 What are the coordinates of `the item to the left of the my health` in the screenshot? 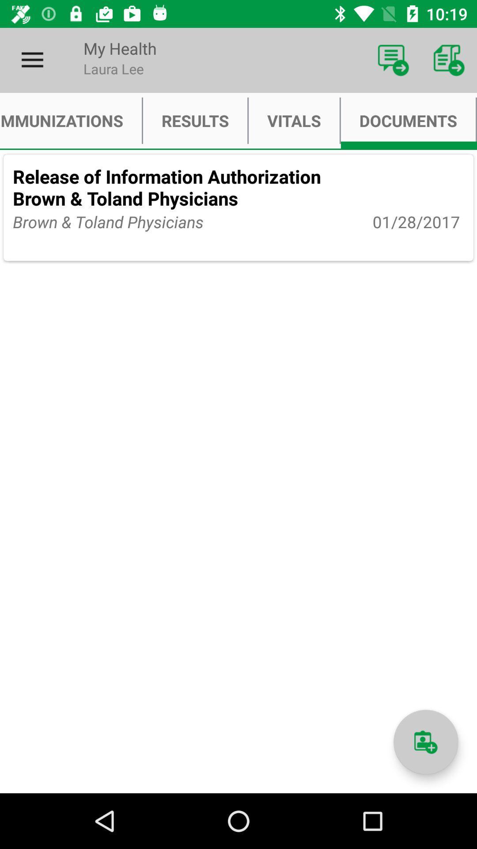 It's located at (32, 60).